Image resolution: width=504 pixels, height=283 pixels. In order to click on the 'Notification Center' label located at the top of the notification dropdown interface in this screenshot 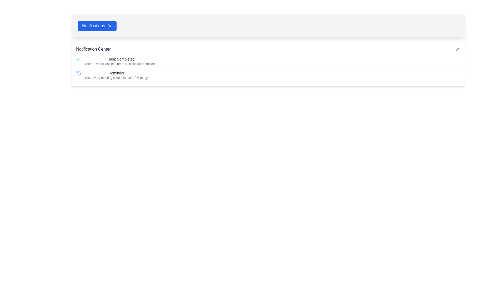, I will do `click(268, 49)`.